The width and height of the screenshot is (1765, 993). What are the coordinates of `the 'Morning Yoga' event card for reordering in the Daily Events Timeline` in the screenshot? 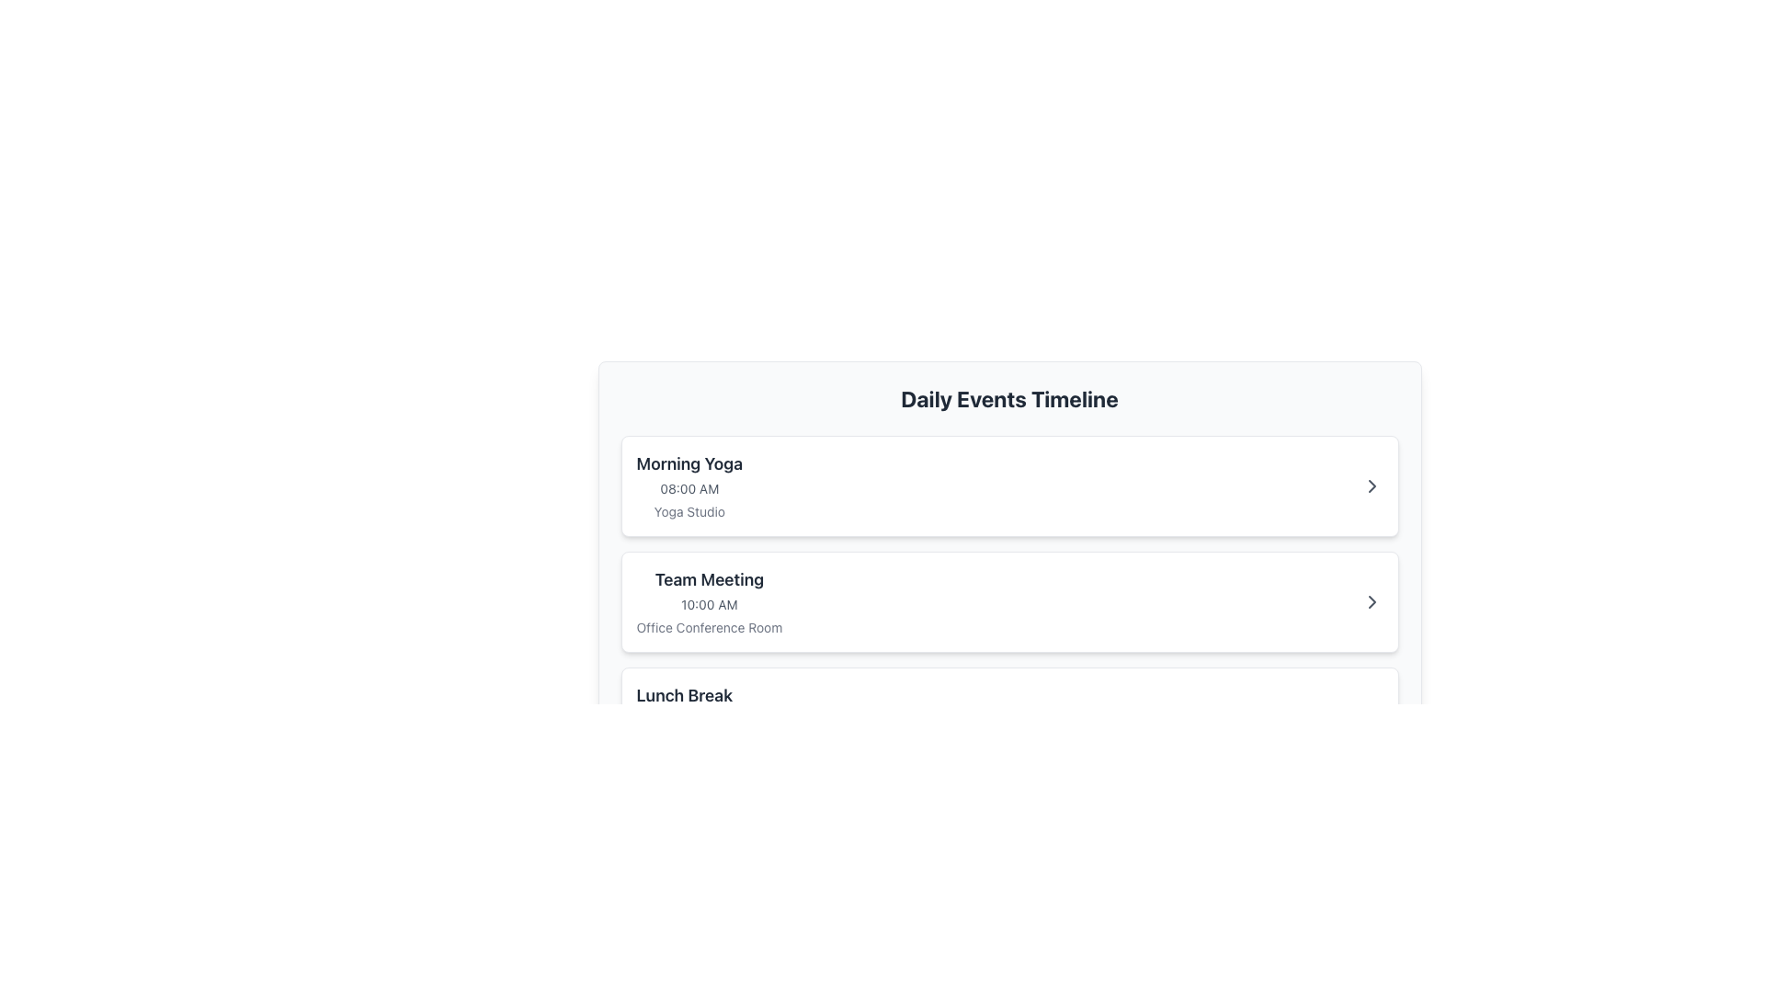 It's located at (1008, 485).